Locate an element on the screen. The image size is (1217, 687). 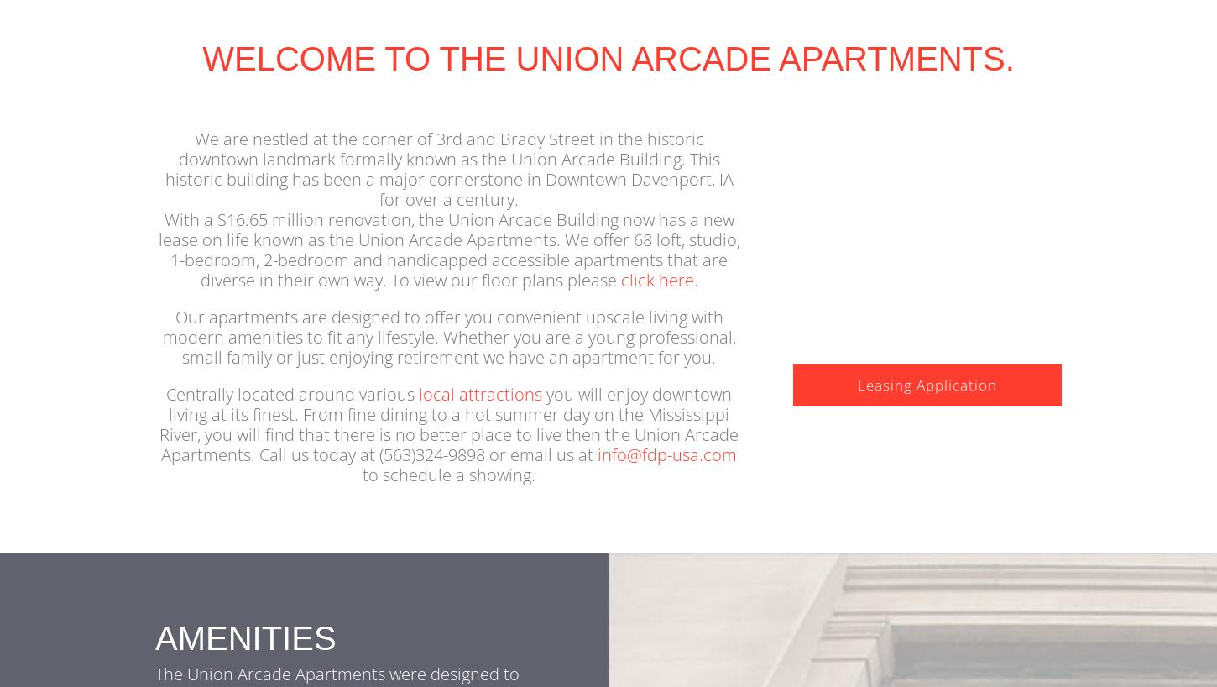
'We are nestled at the corner of 3rd and Brady Street in the historic downtown landmark formally known as the Union Arcade Building. This historic building has been a major cornerstone in Downtown Davenport, IA for over a century.' is located at coordinates (164, 194).